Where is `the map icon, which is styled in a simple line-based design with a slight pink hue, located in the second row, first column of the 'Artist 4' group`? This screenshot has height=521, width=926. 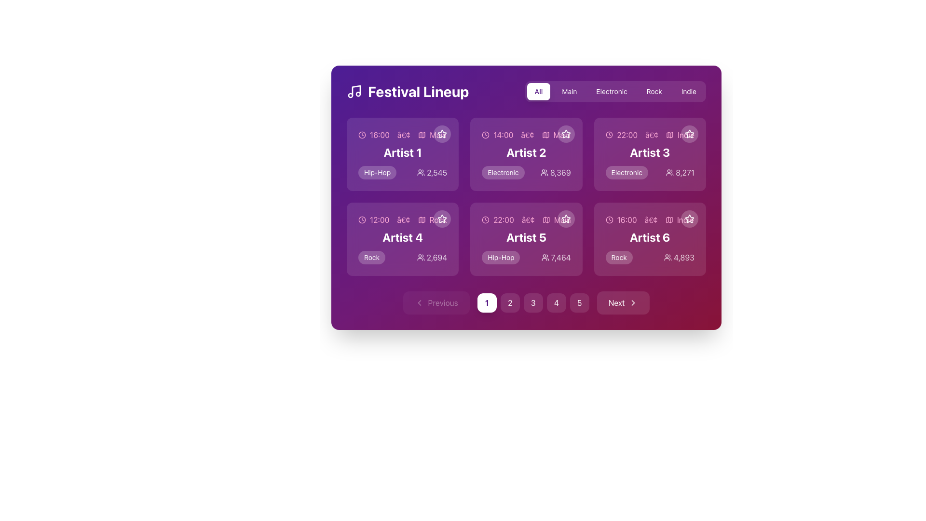 the map icon, which is styled in a simple line-based design with a slight pink hue, located in the second row, first column of the 'Artist 4' group is located at coordinates (422, 219).